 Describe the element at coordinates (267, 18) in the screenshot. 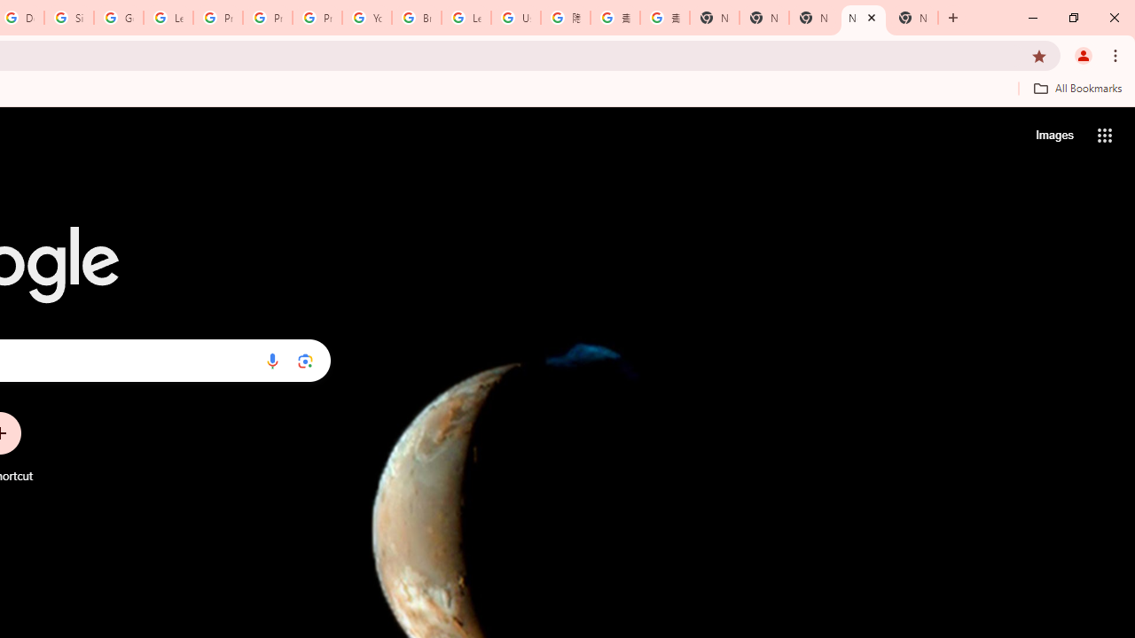

I see `'Privacy Help Center - Policies Help'` at that location.